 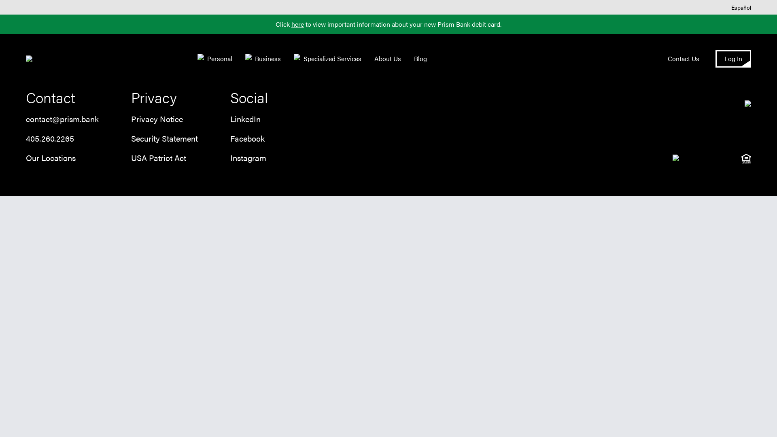 I want to click on 'About Us', so click(x=387, y=58).